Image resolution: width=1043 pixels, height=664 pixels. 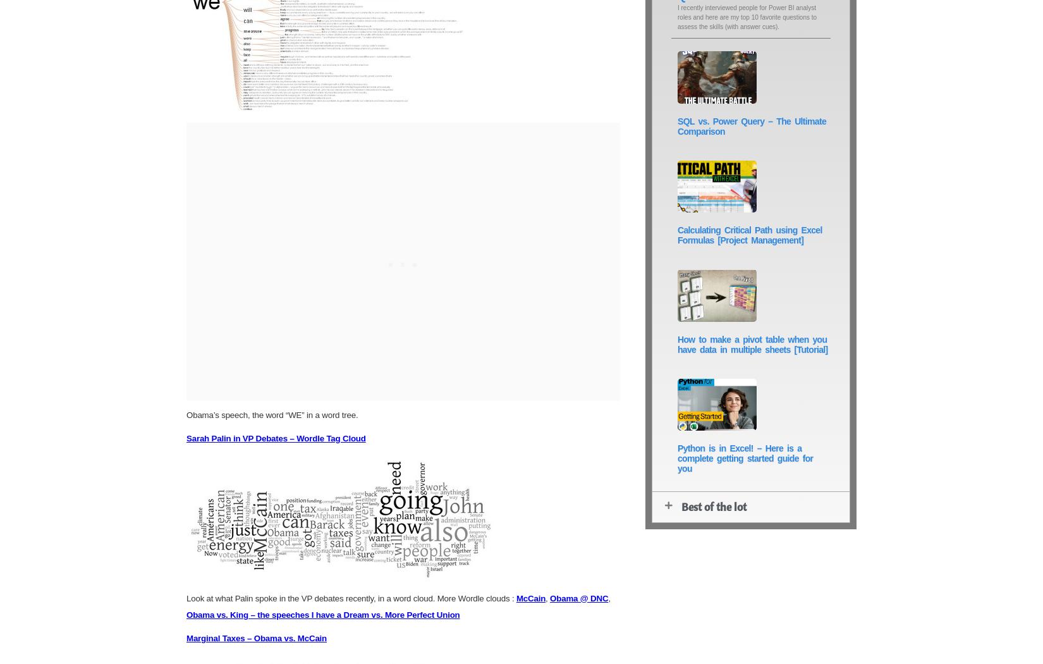 What do you see at coordinates (677, 458) in the screenshot?
I see `'Python is in Excel! – Here is a complete getting started guide for you'` at bounding box center [677, 458].